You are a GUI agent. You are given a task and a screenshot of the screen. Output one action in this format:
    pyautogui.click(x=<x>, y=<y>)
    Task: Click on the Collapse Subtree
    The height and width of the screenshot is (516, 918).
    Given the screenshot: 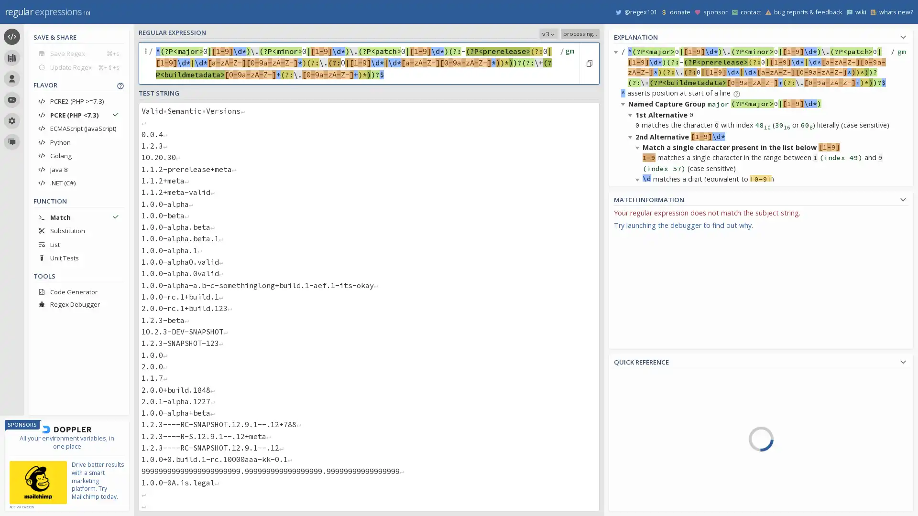 What is the action you would take?
    pyautogui.click(x=639, y=385)
    